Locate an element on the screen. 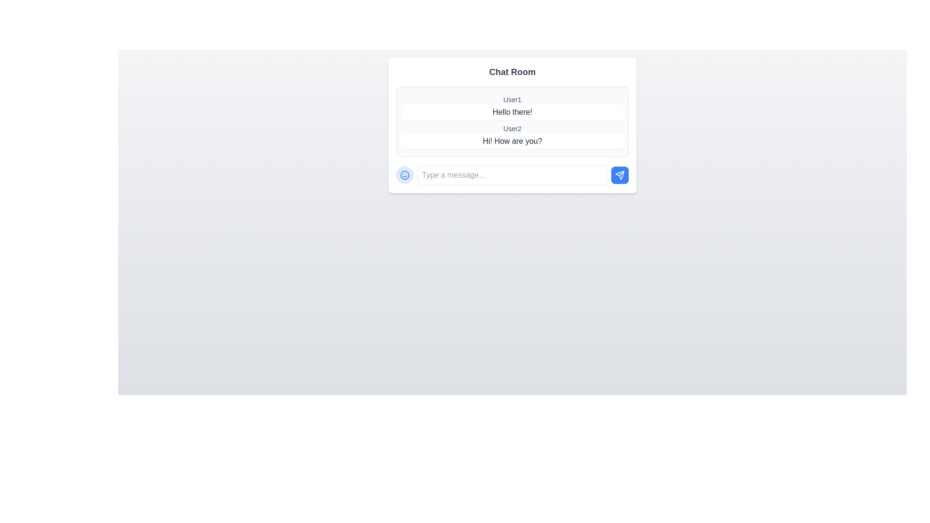 The height and width of the screenshot is (523, 930). the send button icon, which is a graphical representation within the chat interface, to send a message is located at coordinates (620, 175).